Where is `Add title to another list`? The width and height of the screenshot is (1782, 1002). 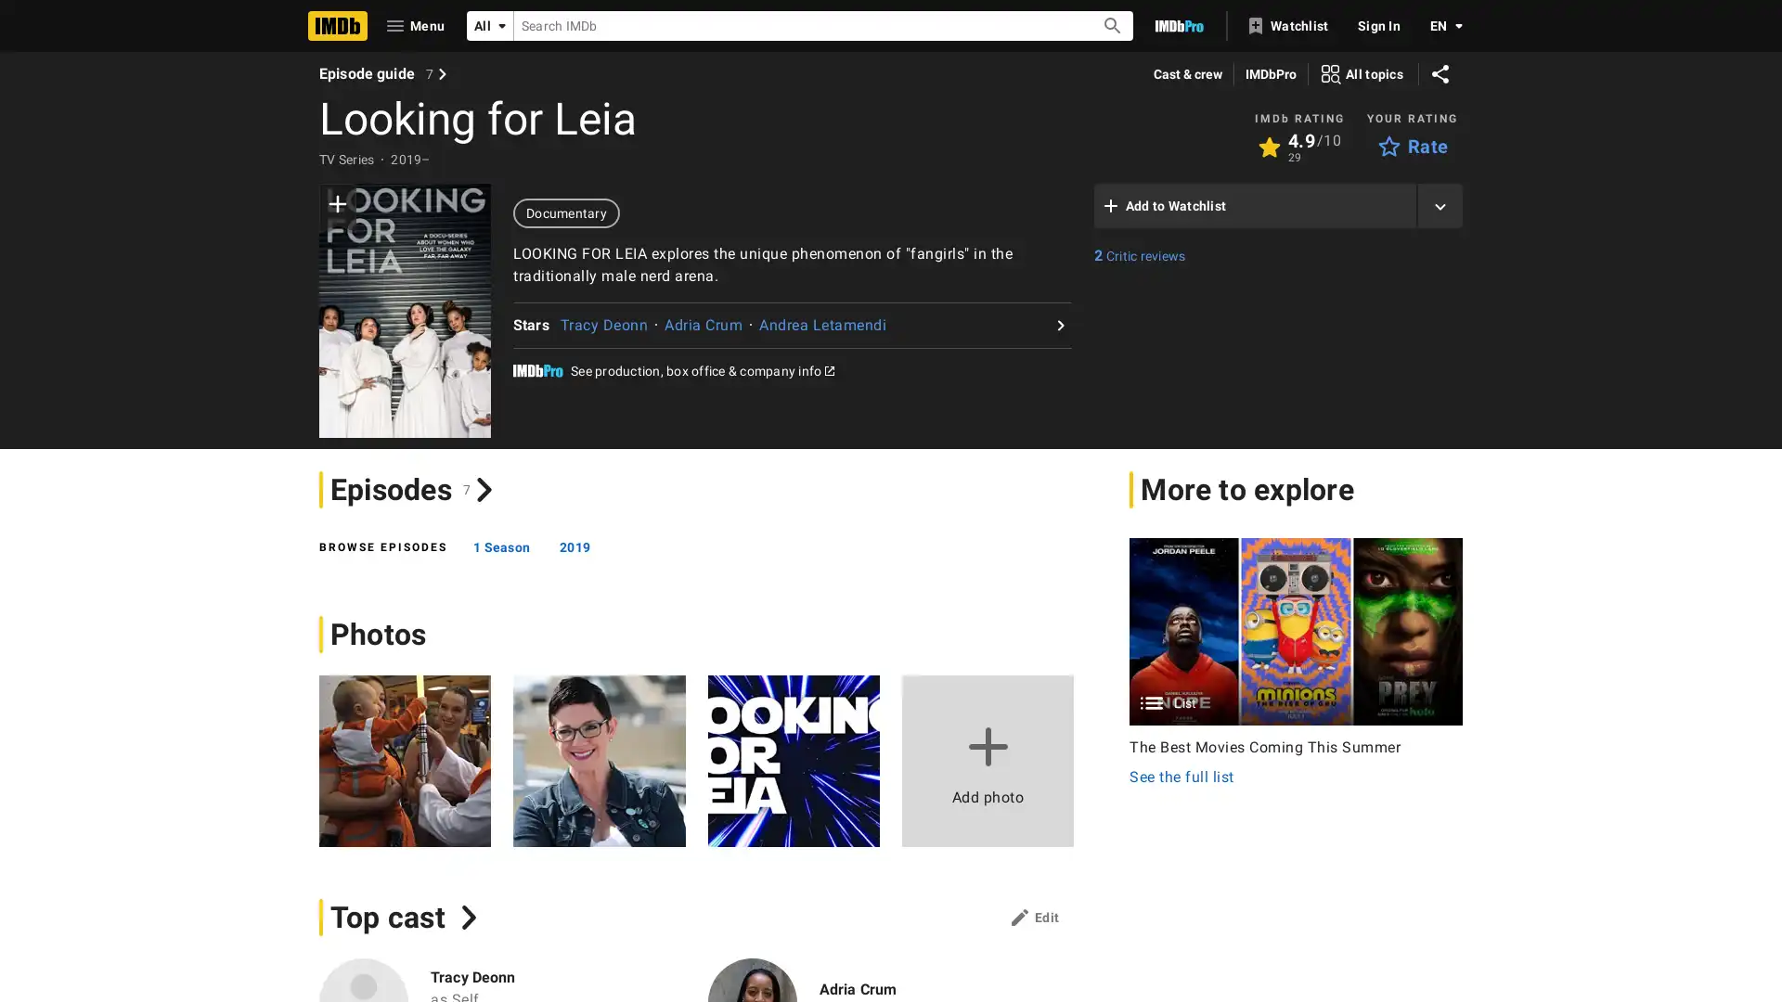 Add title to another list is located at coordinates (1439, 206).